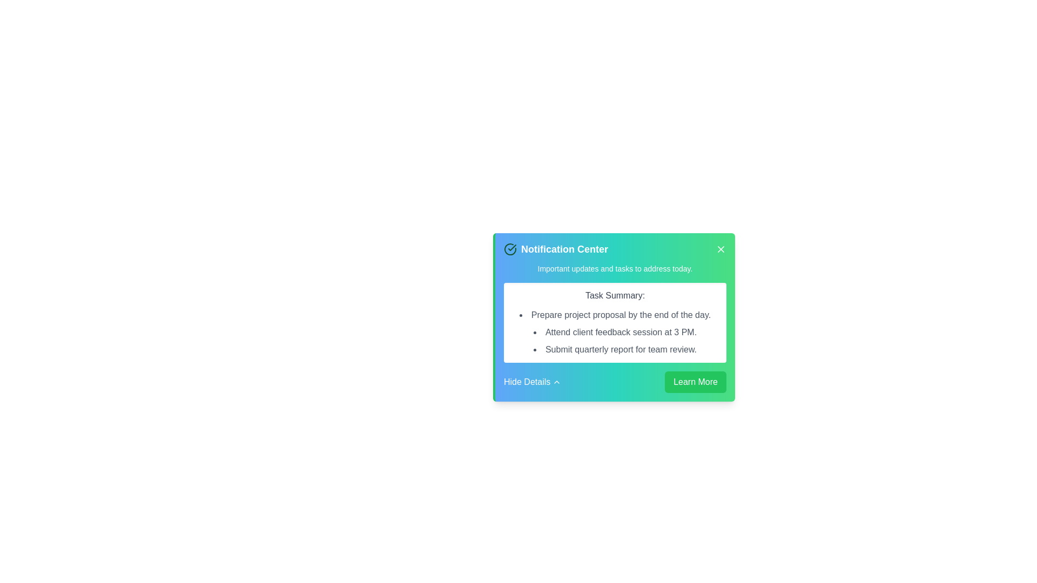 This screenshot has width=1037, height=583. What do you see at coordinates (615, 315) in the screenshot?
I see `the first static text element in the notification card that communicates a specific task within the 'Task Summary:' section` at bounding box center [615, 315].